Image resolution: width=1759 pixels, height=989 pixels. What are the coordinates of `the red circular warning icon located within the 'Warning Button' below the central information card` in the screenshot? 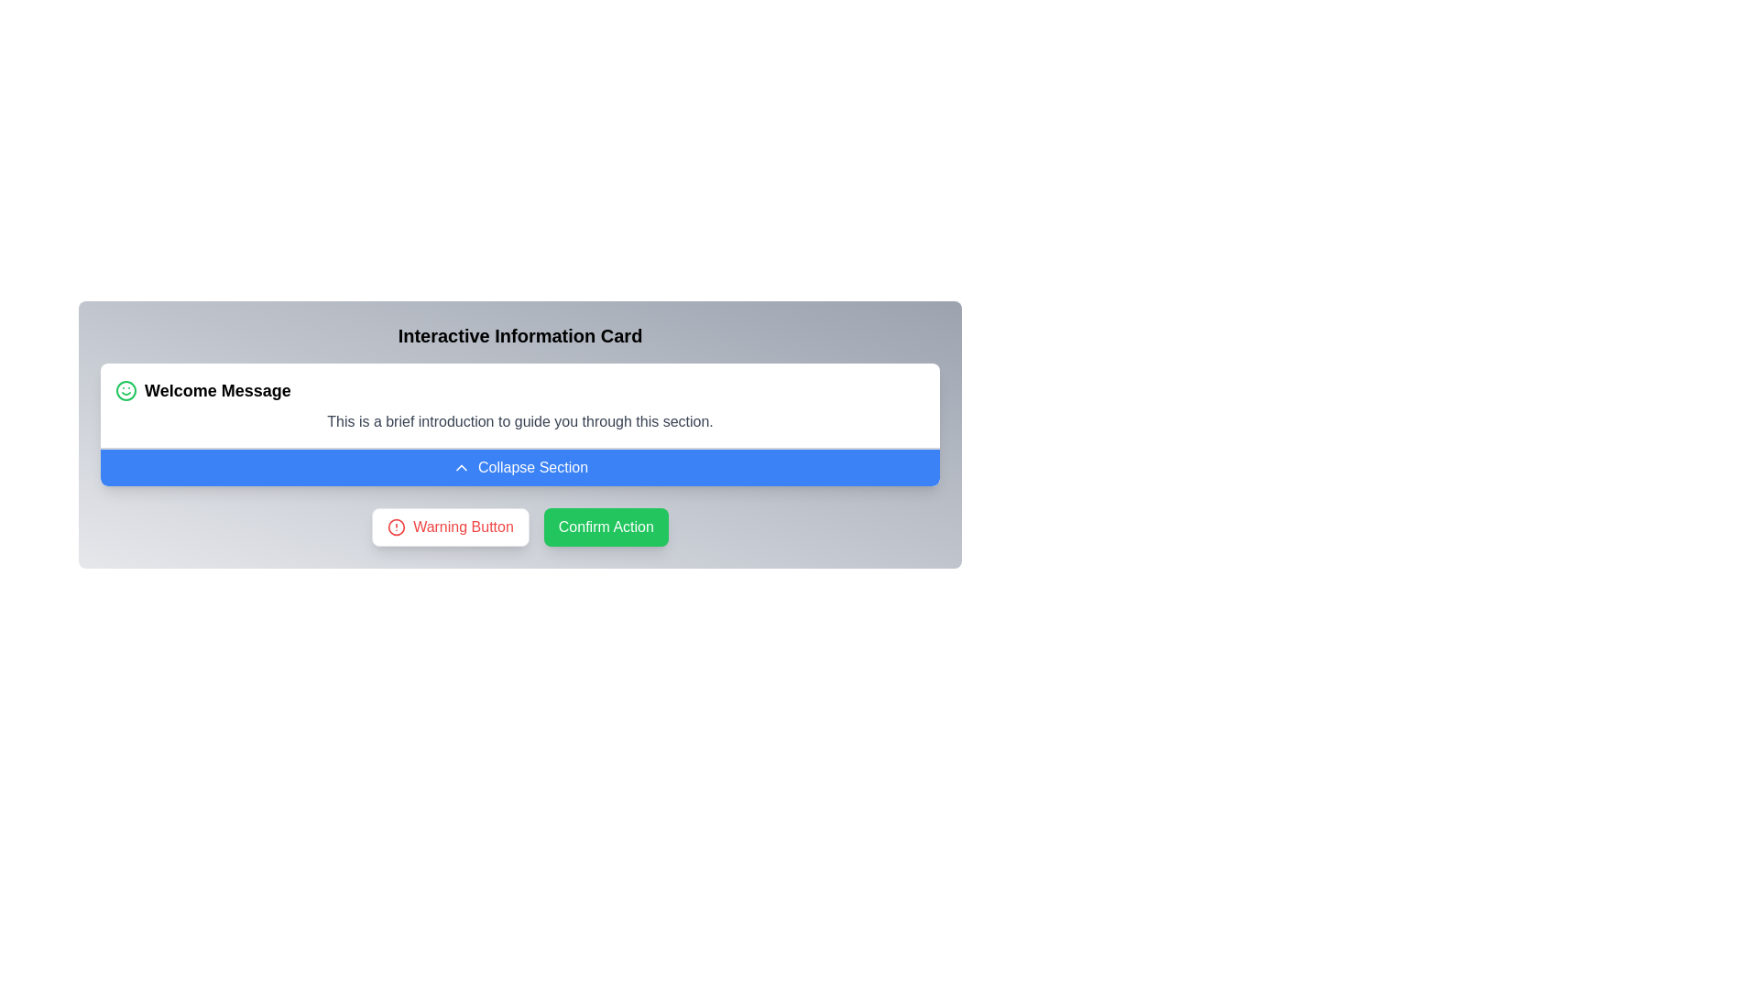 It's located at (396, 527).